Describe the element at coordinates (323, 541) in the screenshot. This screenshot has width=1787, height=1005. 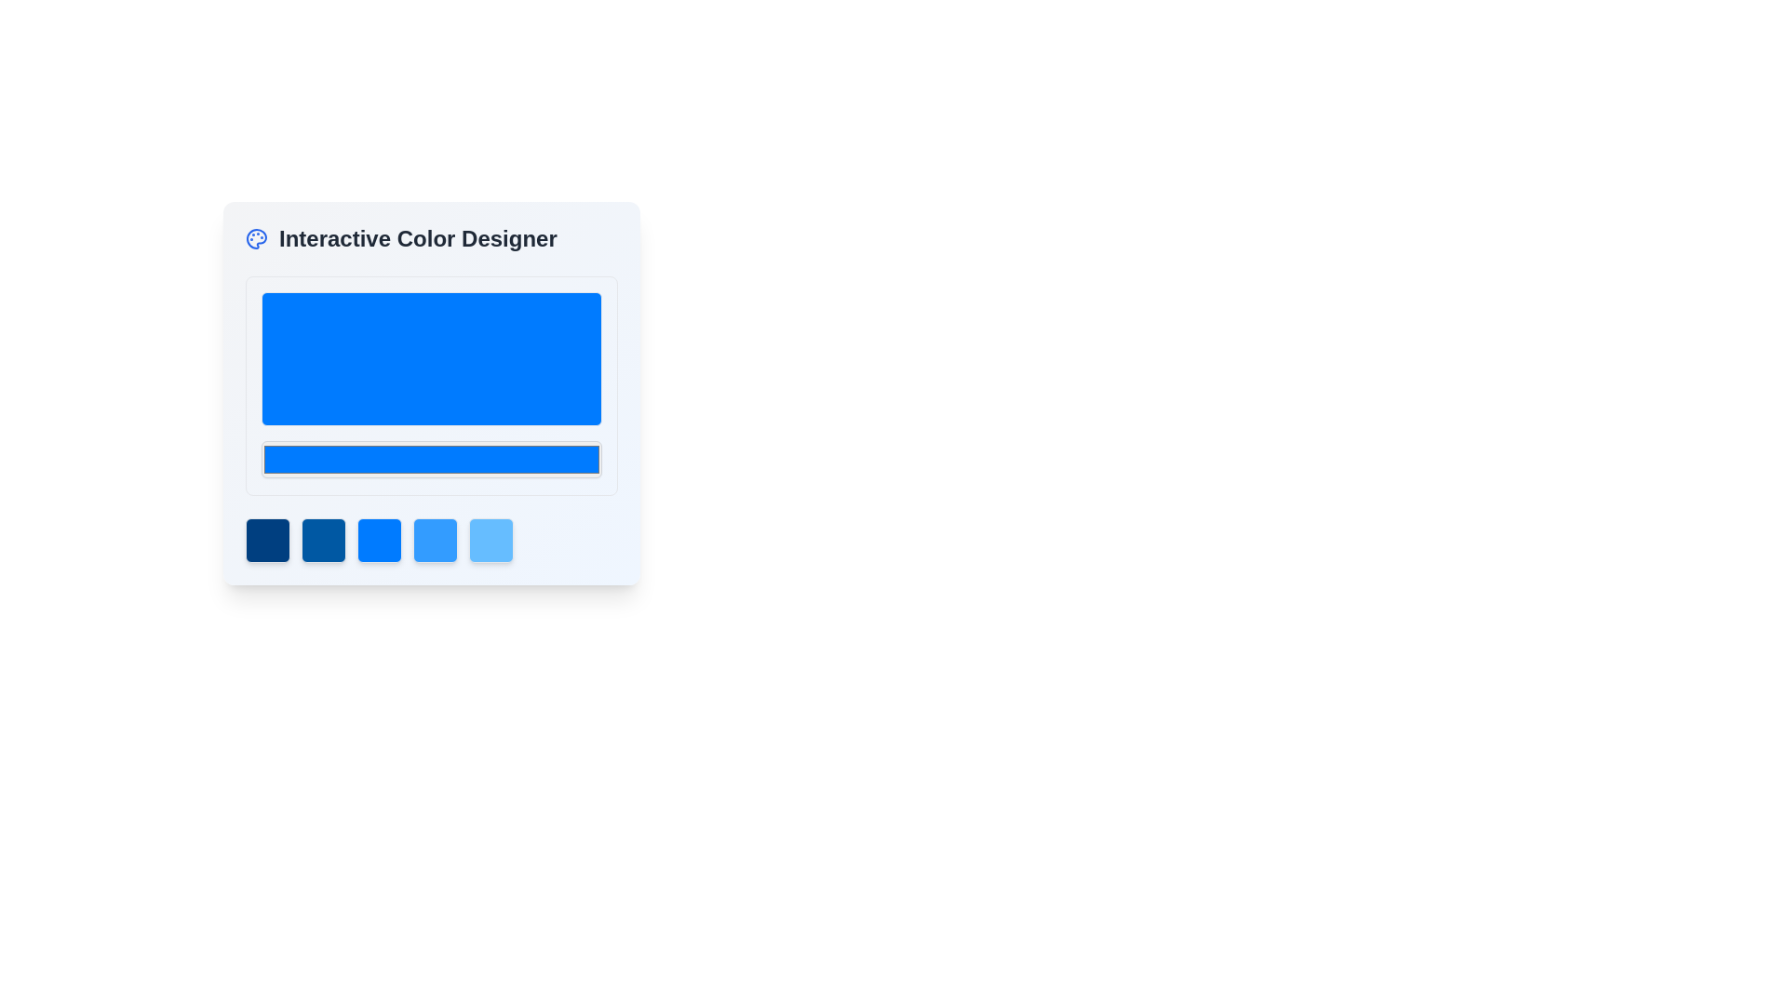
I see `the second square button with a deep blue background color (RGB(0, 88, 163))` at that location.